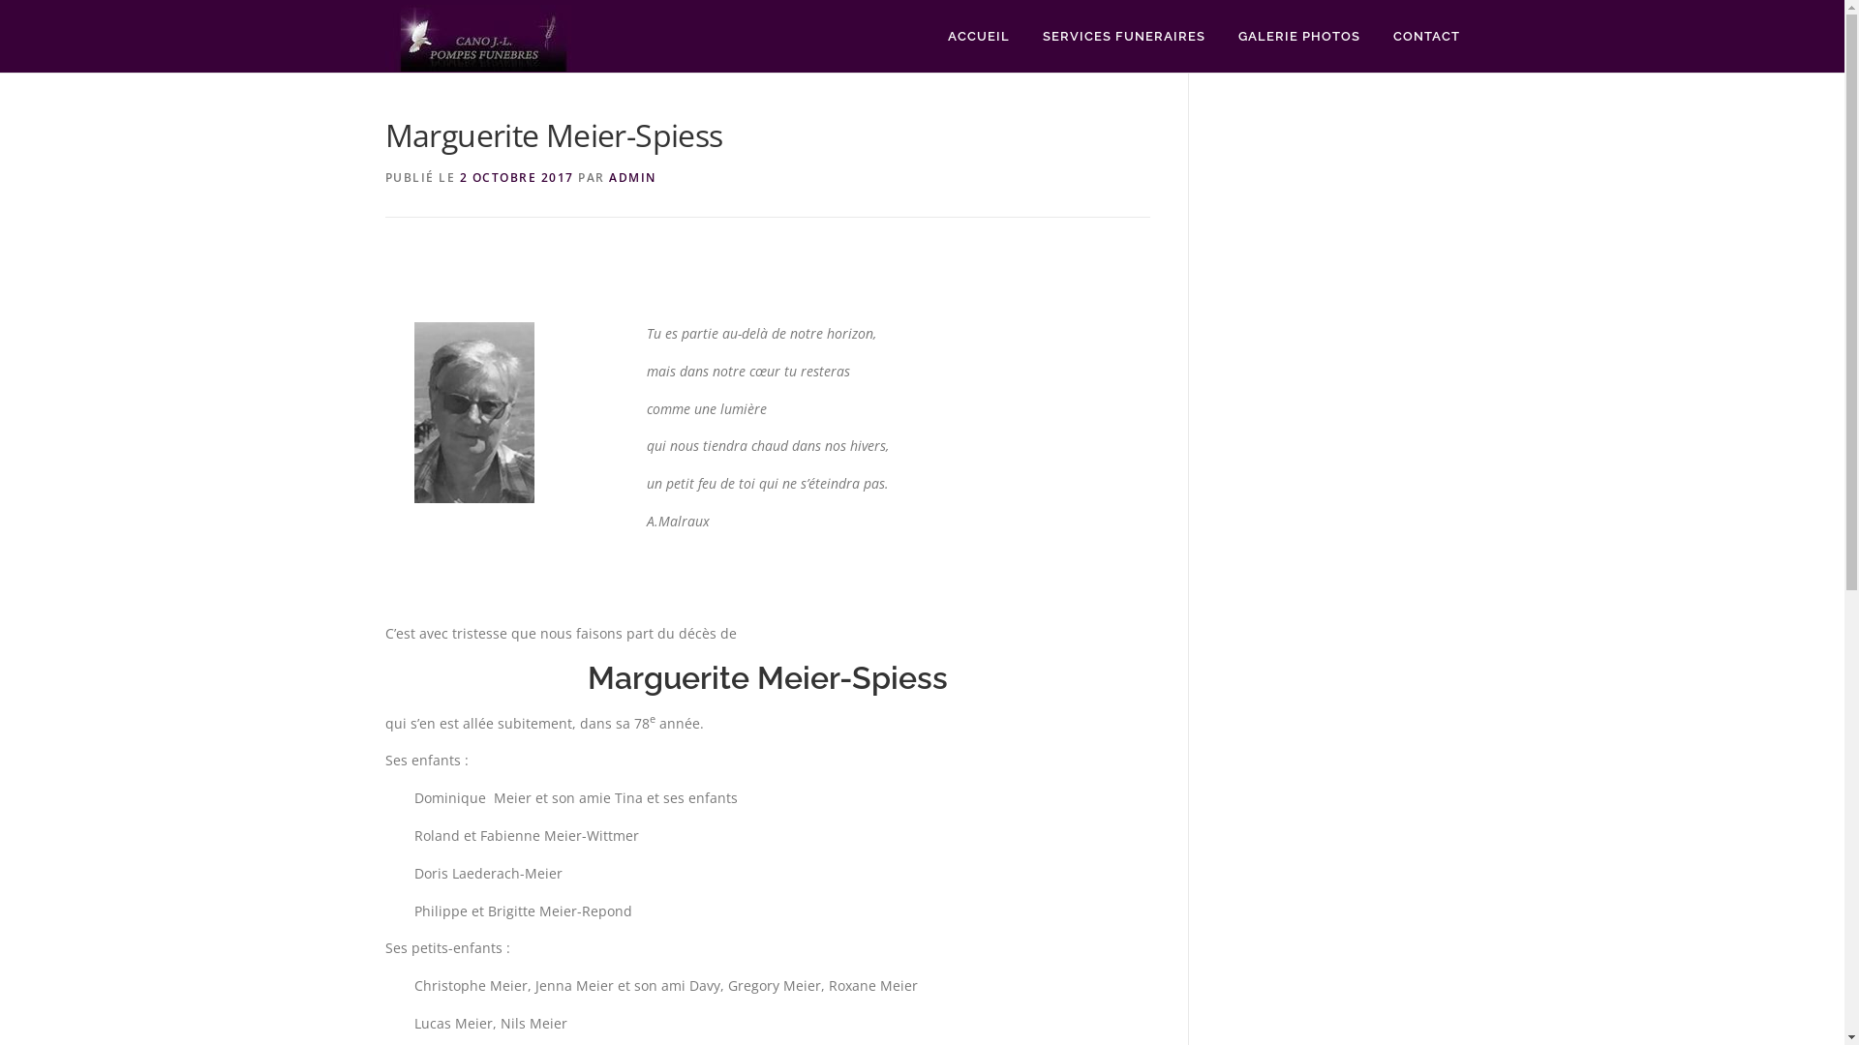 This screenshot has width=1859, height=1045. I want to click on 'GALERIE PHOTOS', so click(1299, 36).